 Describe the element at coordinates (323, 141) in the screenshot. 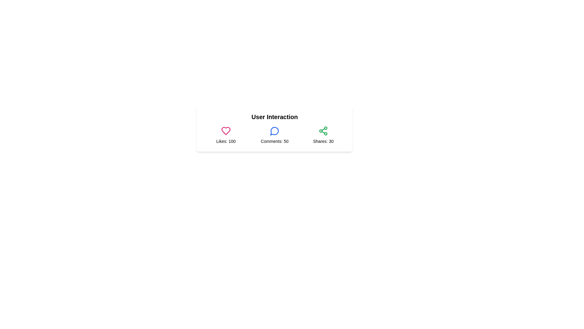

I see `the text label displaying 'Shares: 30', which is positioned at the bottom of the sharing section and aligned with the sharing icon above it` at that location.